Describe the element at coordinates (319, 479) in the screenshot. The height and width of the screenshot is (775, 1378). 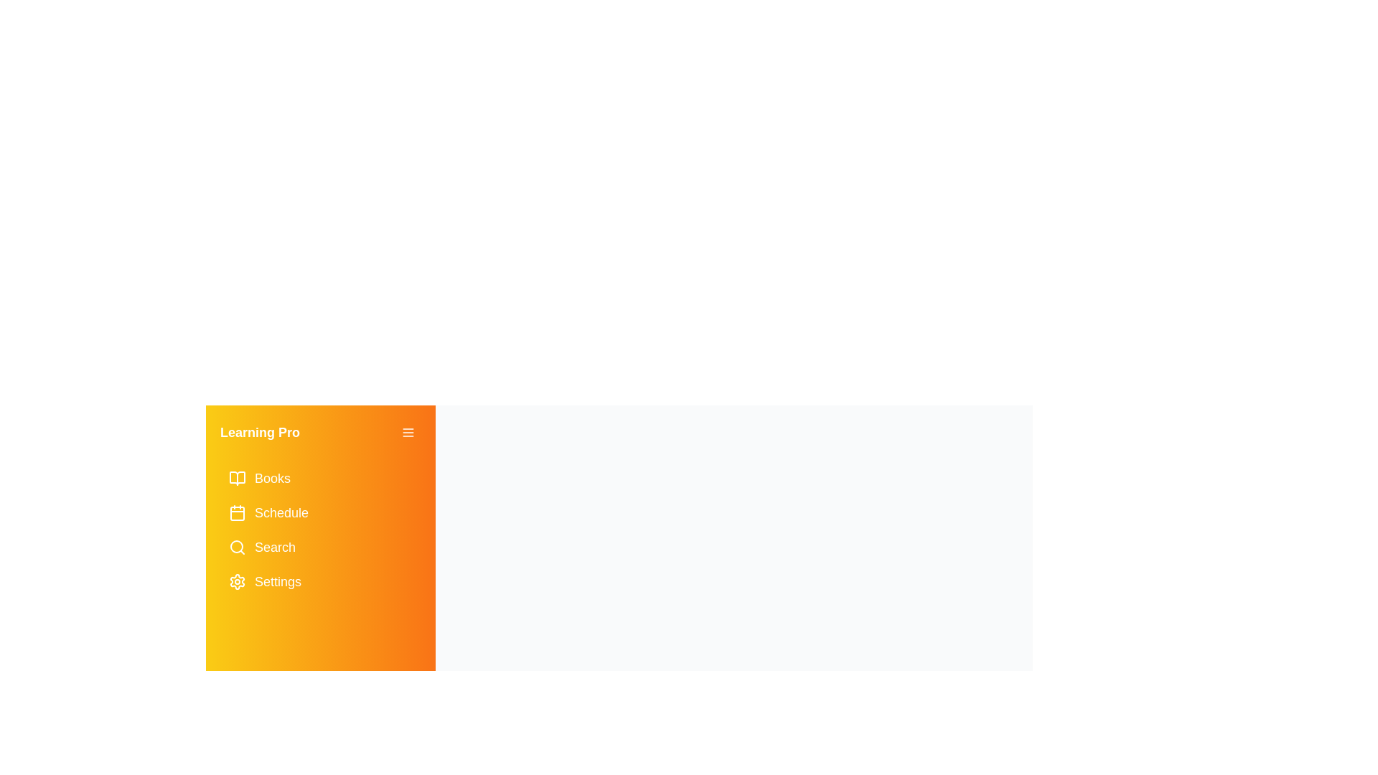
I see `the Books navigation item in the drawer` at that location.